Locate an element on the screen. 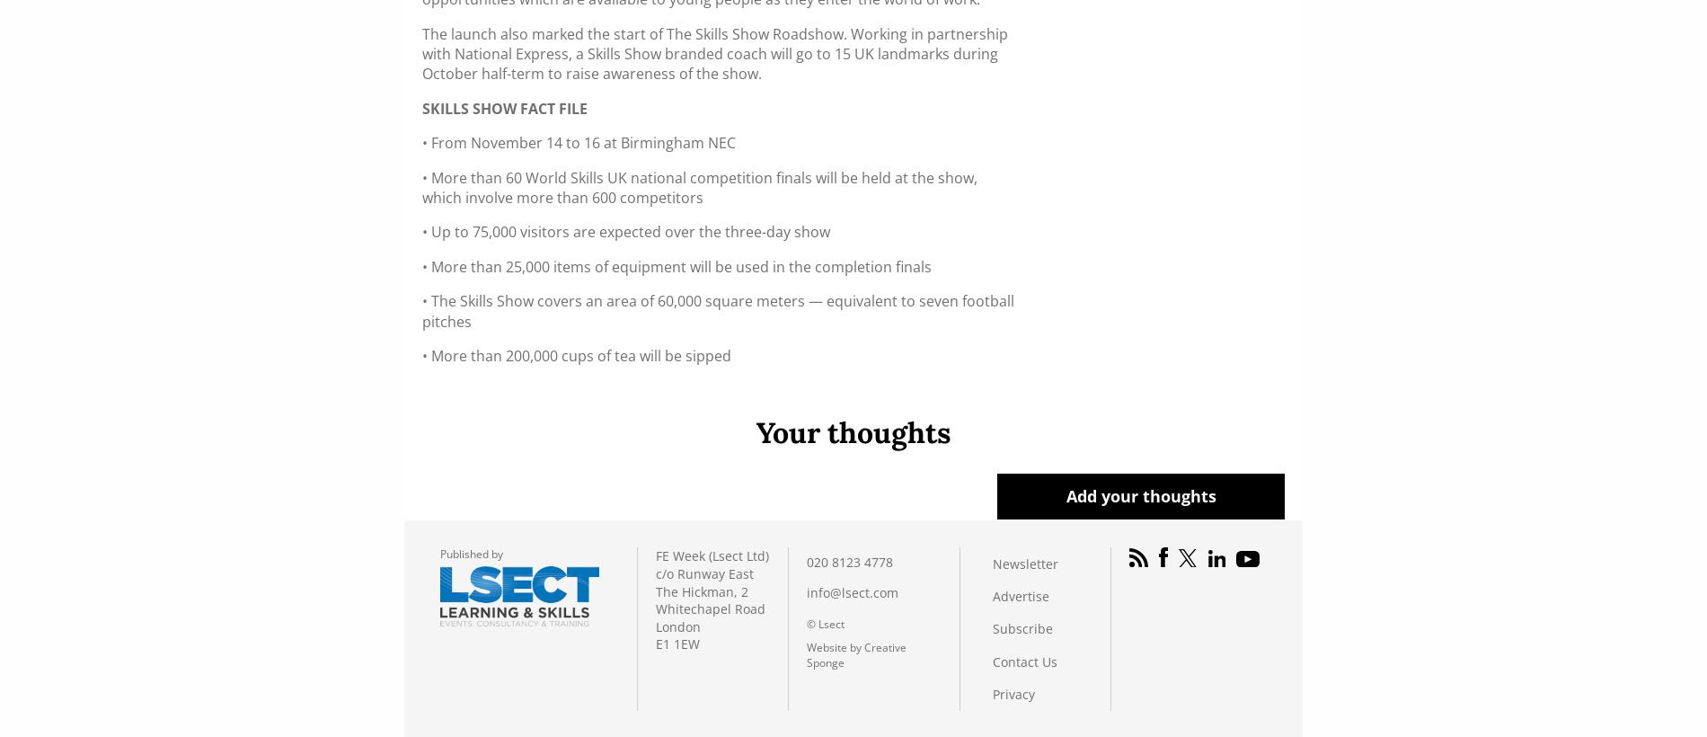 The height and width of the screenshot is (737, 1707). 'Subscribe' is located at coordinates (993, 628).